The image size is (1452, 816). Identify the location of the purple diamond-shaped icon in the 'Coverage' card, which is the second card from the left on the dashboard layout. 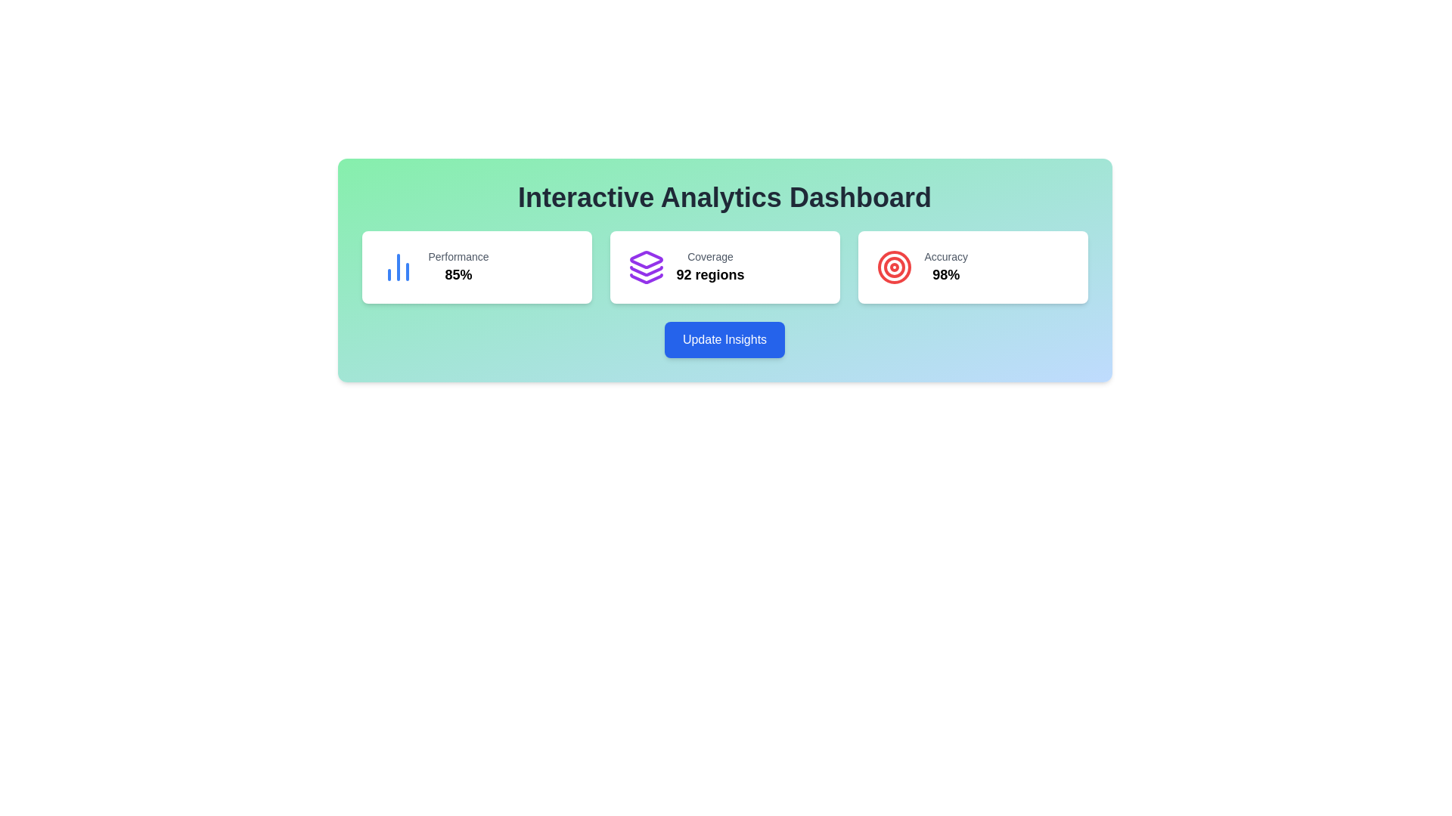
(646, 258).